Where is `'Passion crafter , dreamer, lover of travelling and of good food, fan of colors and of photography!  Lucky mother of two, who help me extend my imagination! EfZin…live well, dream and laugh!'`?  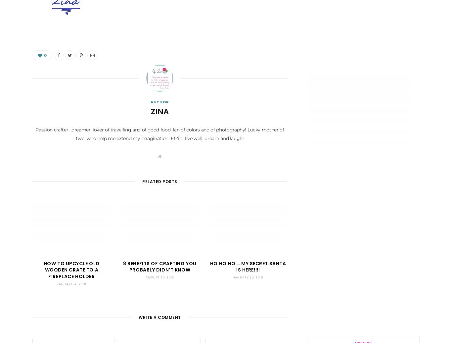 'Passion crafter , dreamer, lover of travelling and of good food, fan of colors and of photography!  Lucky mother of two, who help me extend my imagination! EfZin…live well, dream and laugh!' is located at coordinates (159, 134).